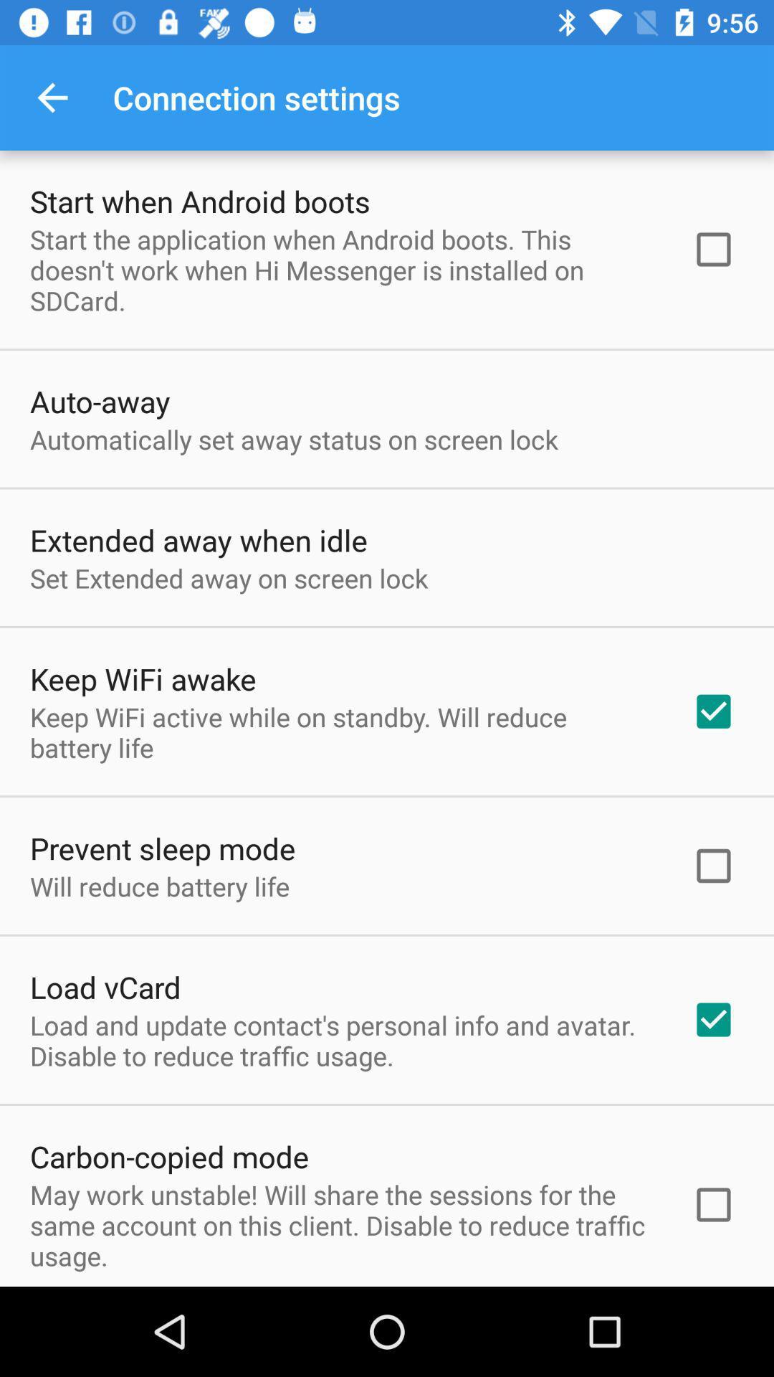  I want to click on icon above may work unstable item, so click(168, 1156).